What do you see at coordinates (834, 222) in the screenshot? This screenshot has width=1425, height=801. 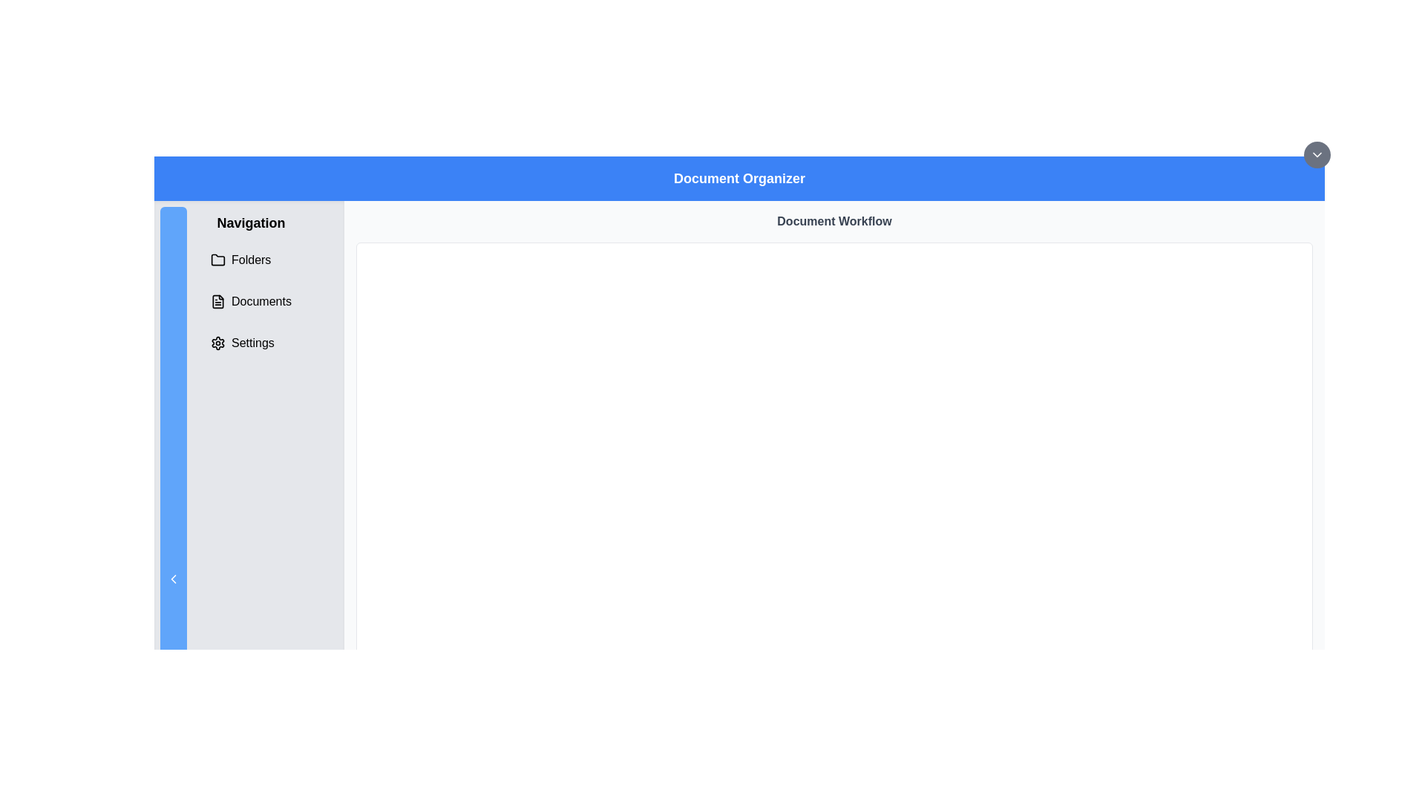 I see `the static text element that serves as a title or heading for the content, positioned beneath the blue header 'Document Organizer'` at bounding box center [834, 222].